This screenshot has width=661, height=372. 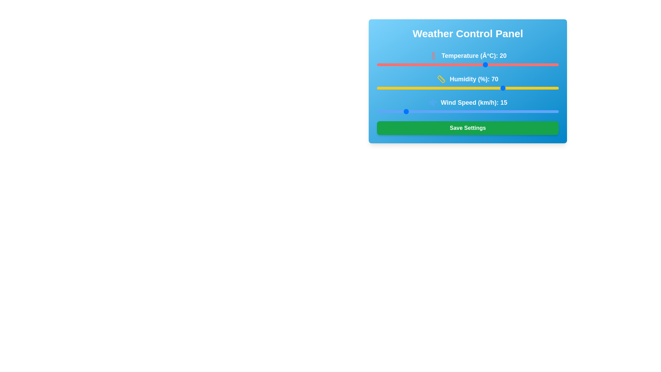 What do you see at coordinates (493, 111) in the screenshot?
I see `wind speed` at bounding box center [493, 111].